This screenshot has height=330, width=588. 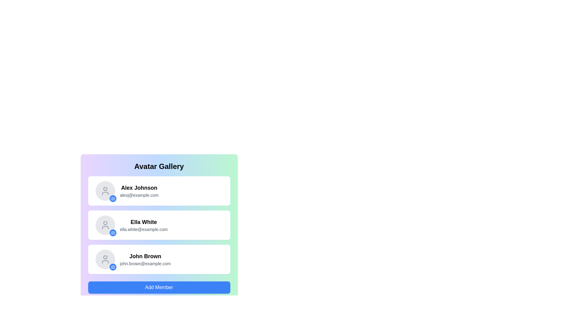 What do you see at coordinates (113, 233) in the screenshot?
I see `the camera icon button with a blue background located to the bottom-right of Ella White's profile avatar` at bounding box center [113, 233].